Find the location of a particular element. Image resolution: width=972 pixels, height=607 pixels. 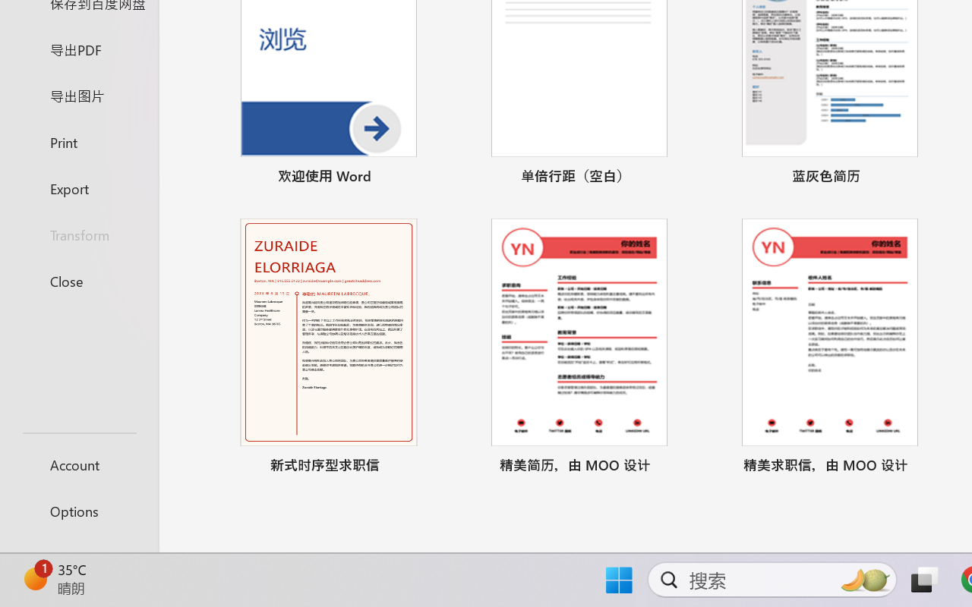

'Options' is located at coordinates (78, 511).